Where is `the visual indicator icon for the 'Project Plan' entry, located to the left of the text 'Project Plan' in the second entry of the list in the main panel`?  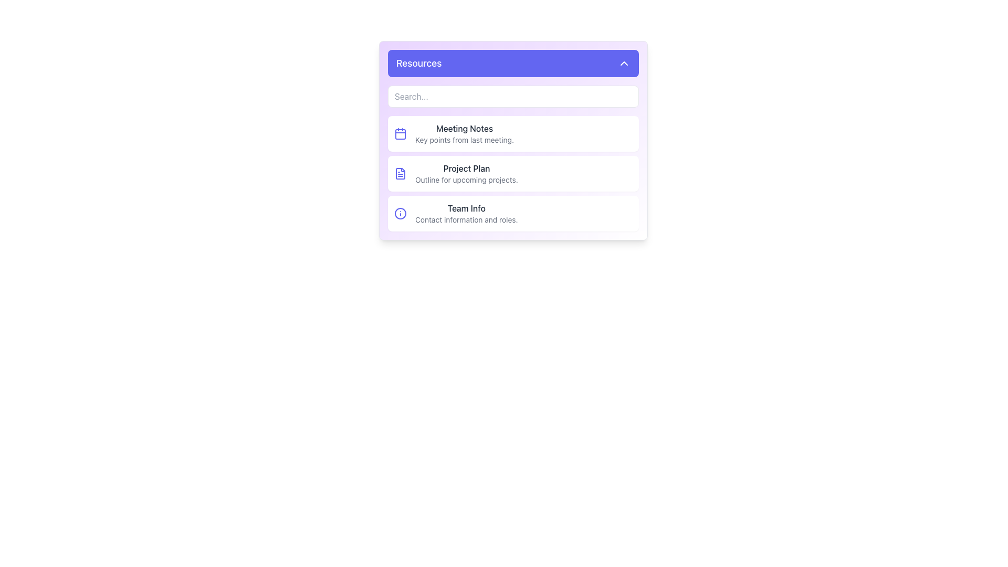 the visual indicator icon for the 'Project Plan' entry, located to the left of the text 'Project Plan' in the second entry of the list in the main panel is located at coordinates (400, 173).